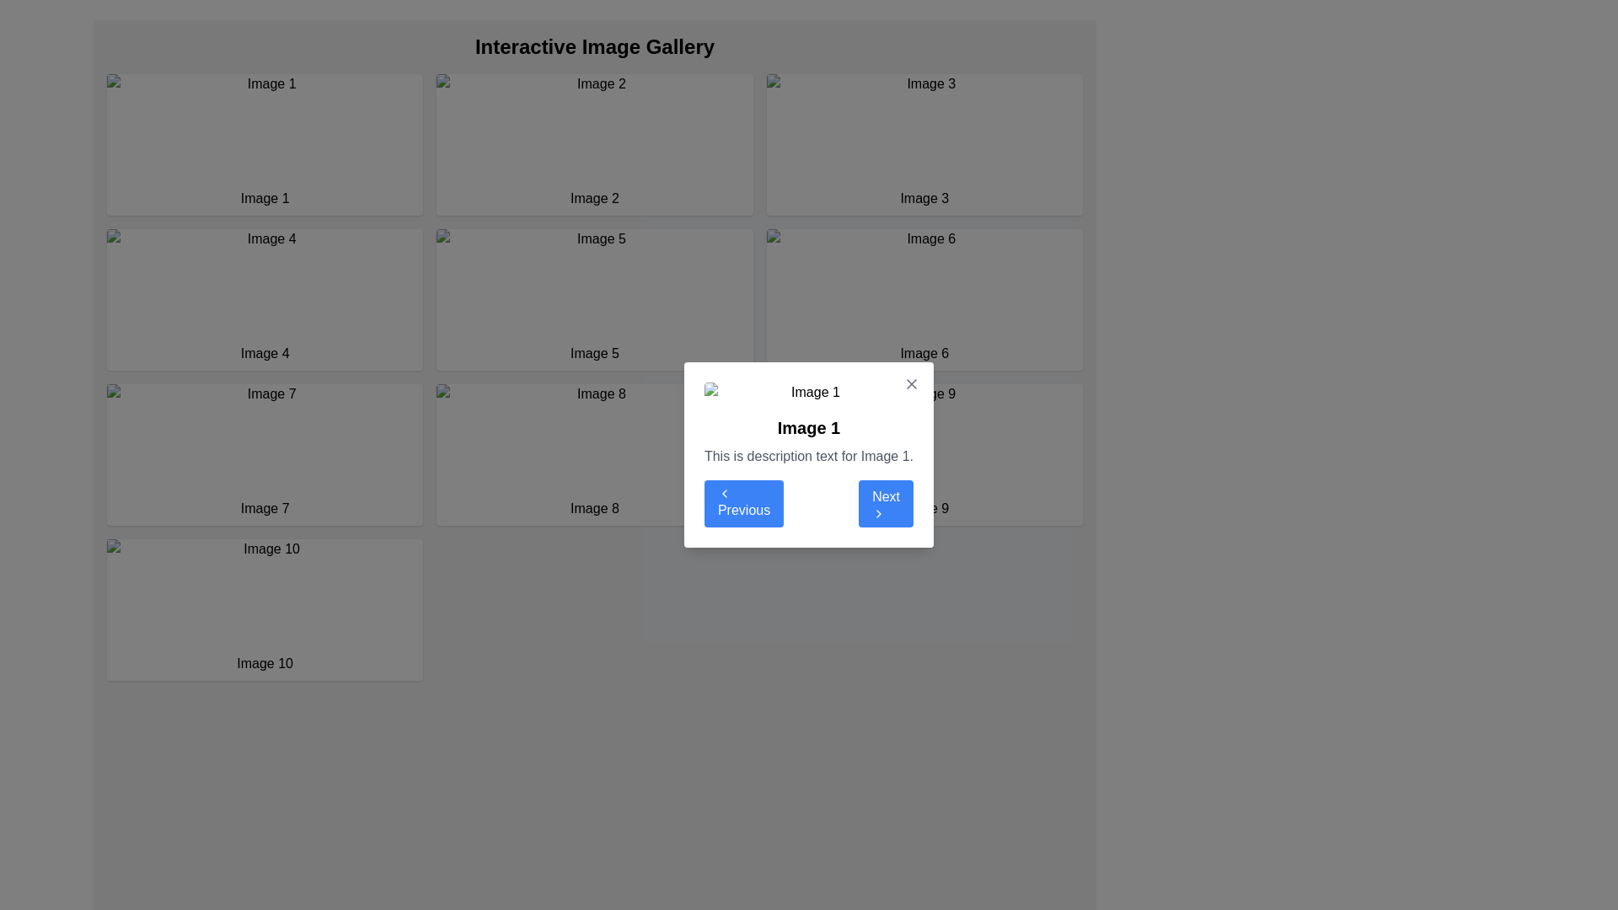  What do you see at coordinates (264, 197) in the screenshot?
I see `text label located at the bottom of the card structure, which serves as an identifier for the associated image above it` at bounding box center [264, 197].